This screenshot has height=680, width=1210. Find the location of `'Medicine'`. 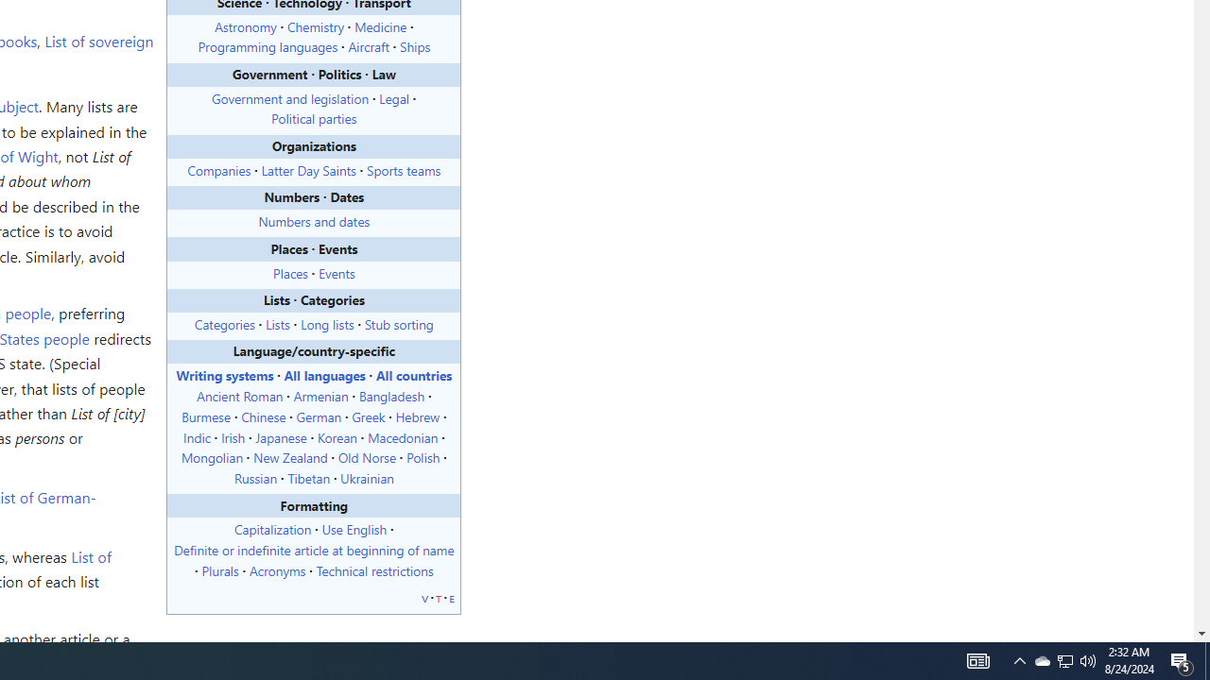

'Medicine' is located at coordinates (380, 25).